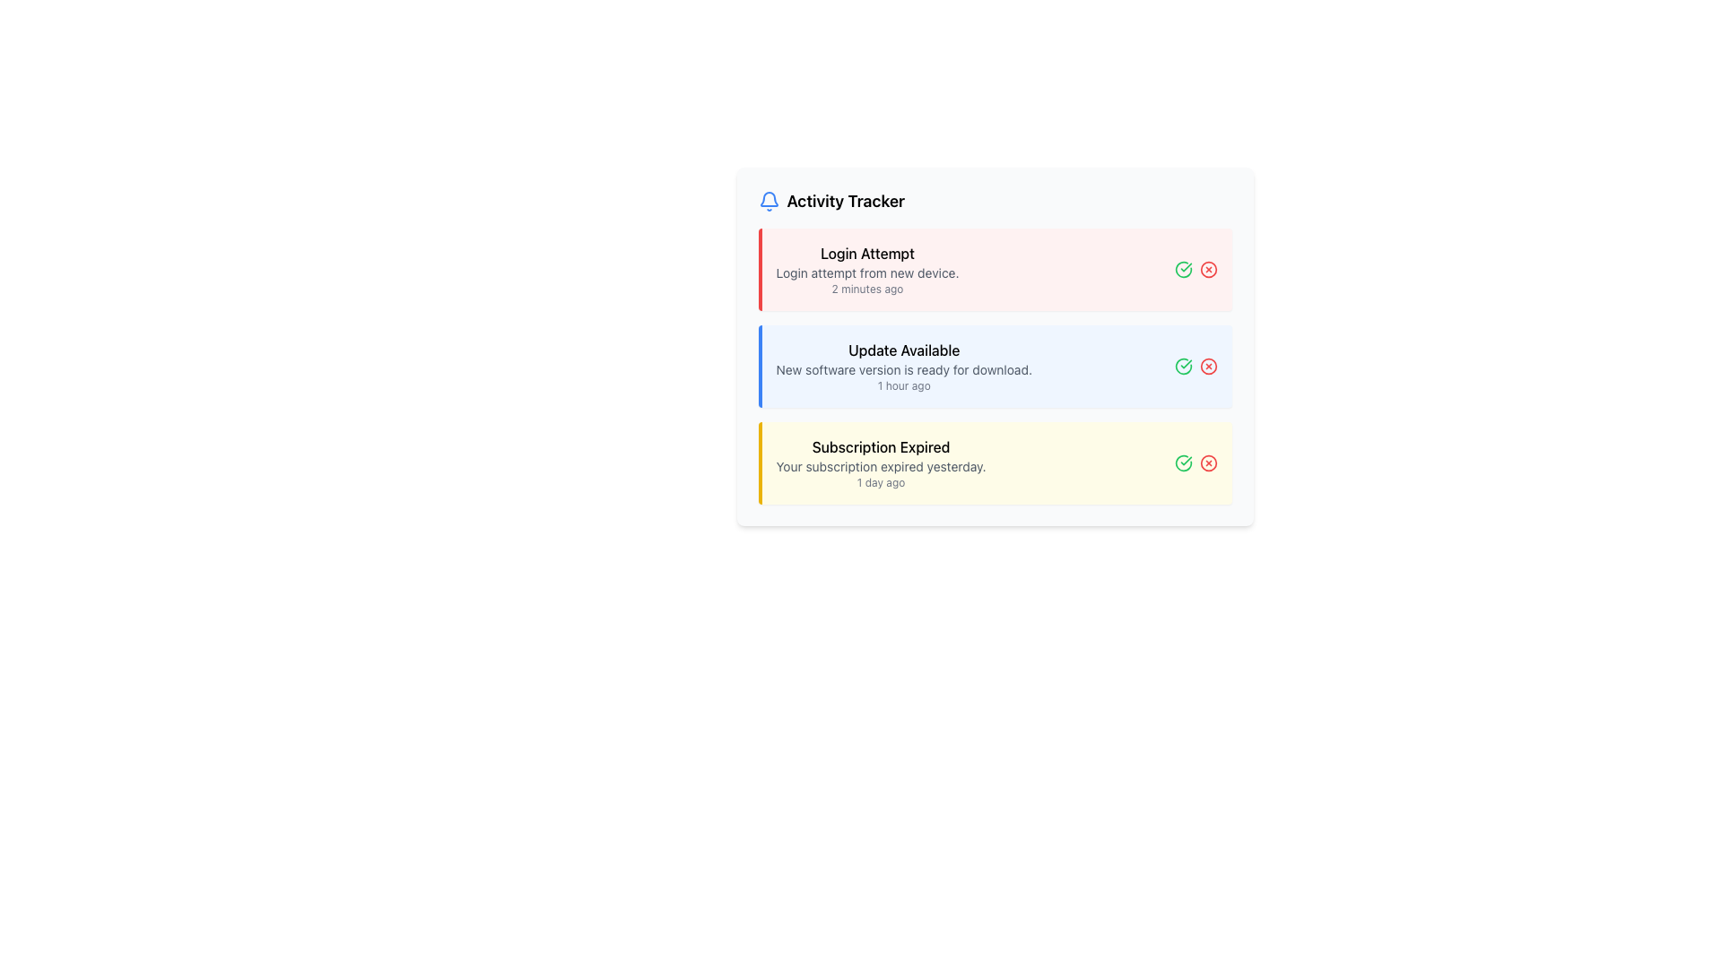 The width and height of the screenshot is (1722, 968). I want to click on the 'Activity Tracker' text label, which is displayed in bold font within the header of a notification card, located to the right of a bell icon, so click(845, 201).